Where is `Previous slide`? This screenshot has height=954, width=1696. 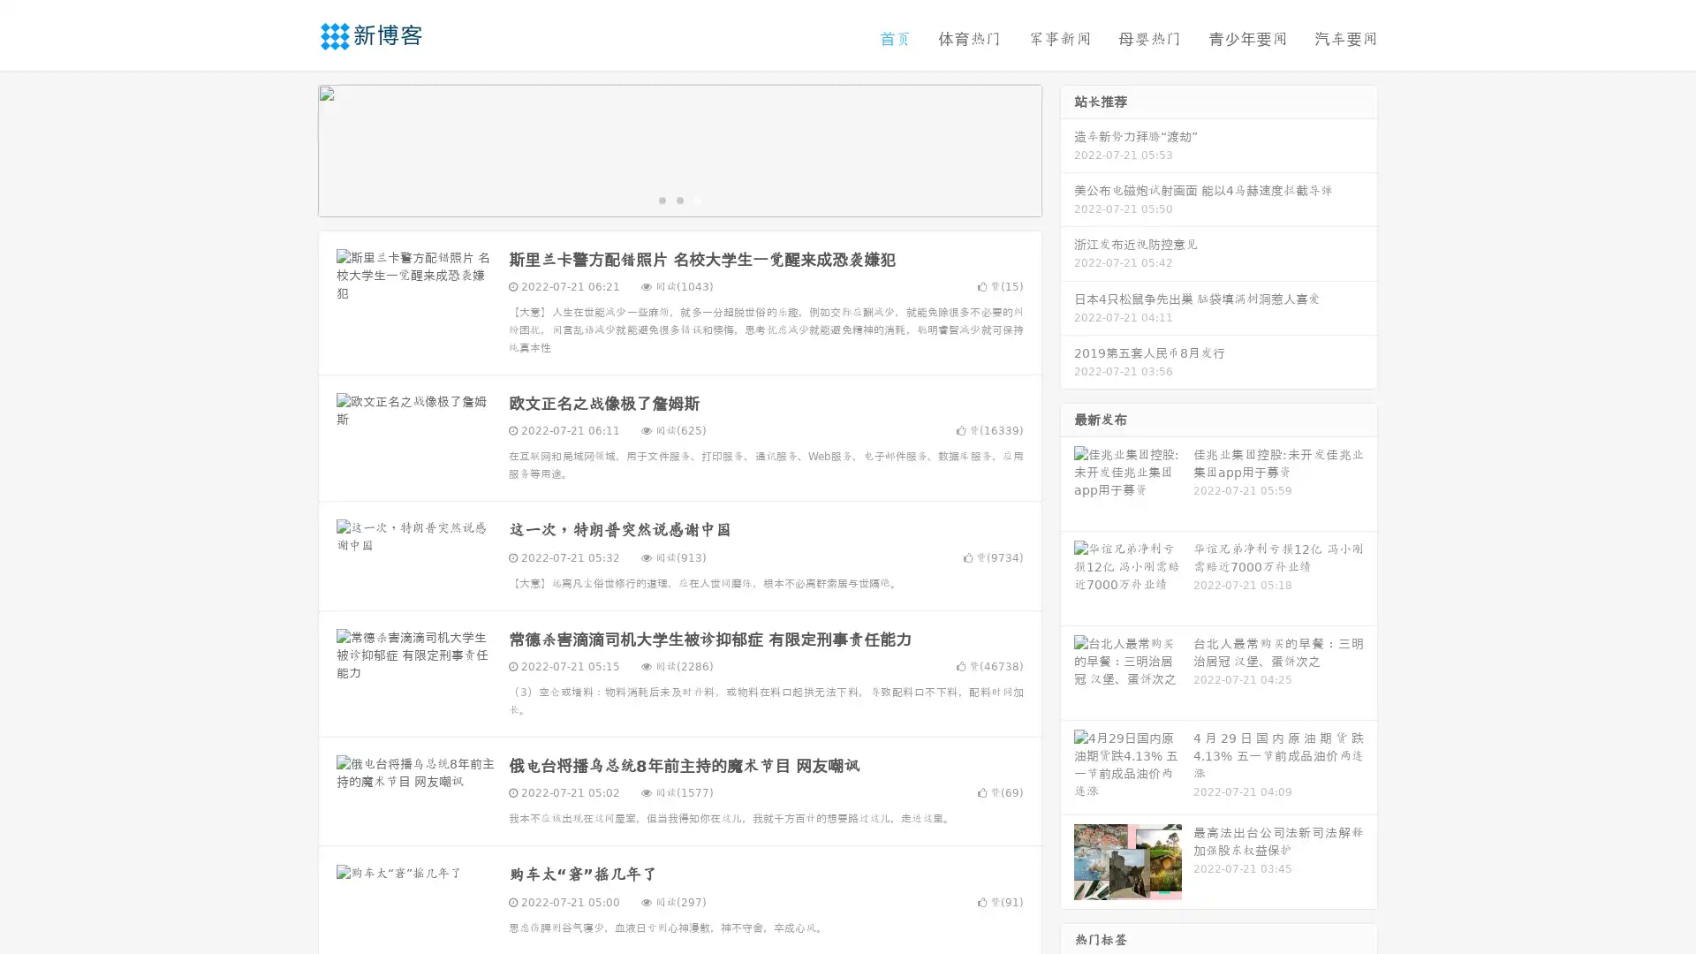 Previous slide is located at coordinates (291, 148).